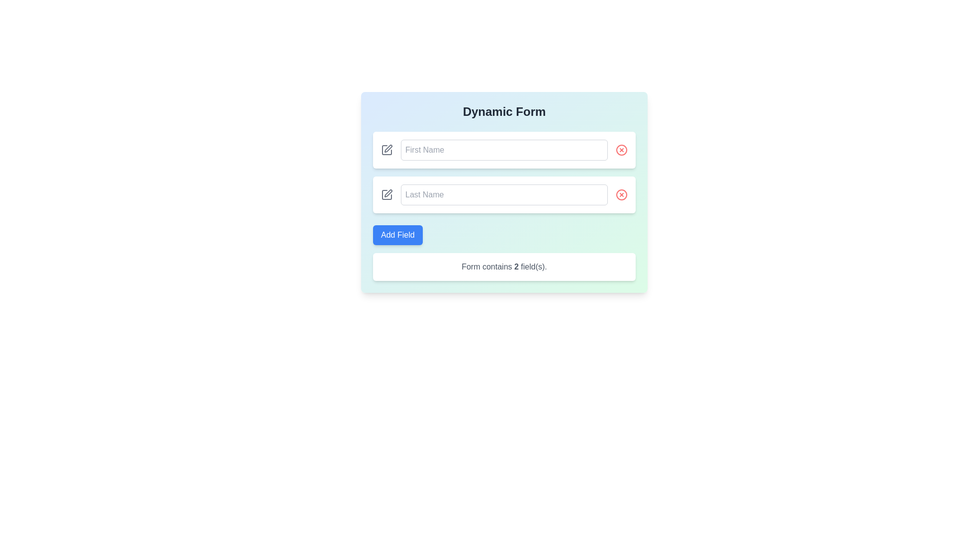 The width and height of the screenshot is (955, 537). What do you see at coordinates (504, 266) in the screenshot?
I see `the Informational text block that displays the summary message indicating the number of fields in the form, which is located below the blue 'Add Field' button` at bounding box center [504, 266].